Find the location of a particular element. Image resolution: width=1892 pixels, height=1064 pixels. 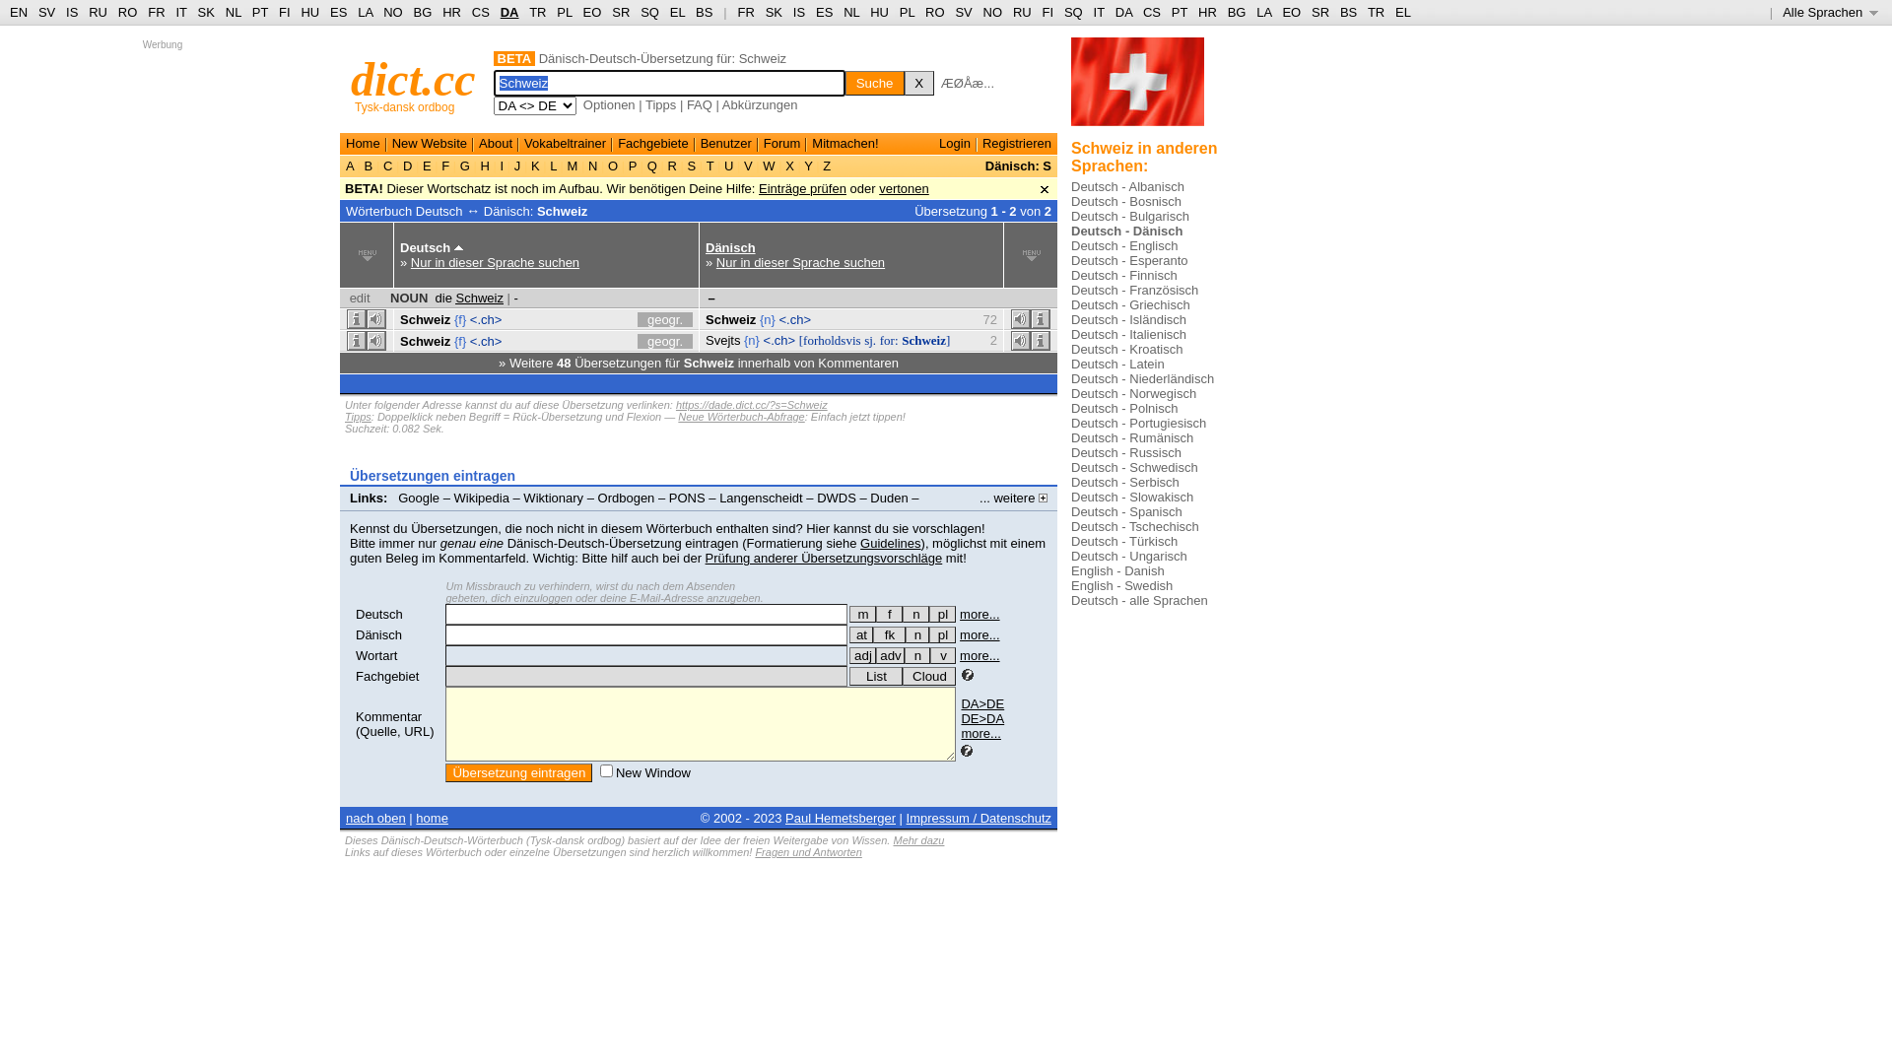

'Deutsch - Albanisch' is located at coordinates (1127, 186).